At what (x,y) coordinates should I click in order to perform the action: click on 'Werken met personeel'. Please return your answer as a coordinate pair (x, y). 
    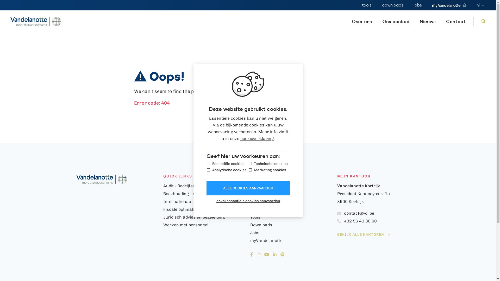
    Looking at the image, I should click on (162, 225).